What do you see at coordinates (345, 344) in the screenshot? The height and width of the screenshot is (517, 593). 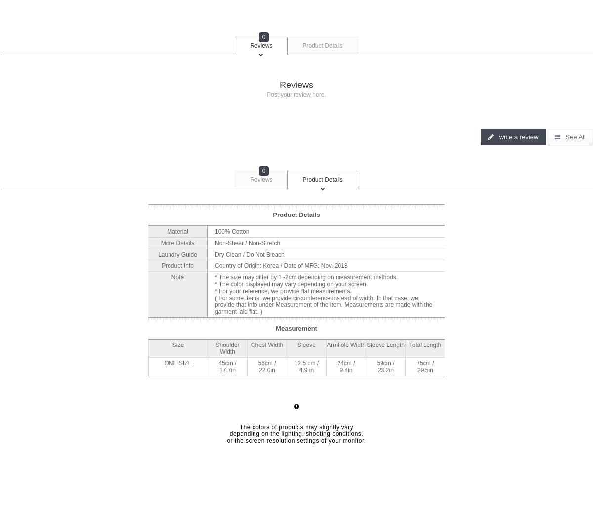 I see `'Armhole Width'` at bounding box center [345, 344].